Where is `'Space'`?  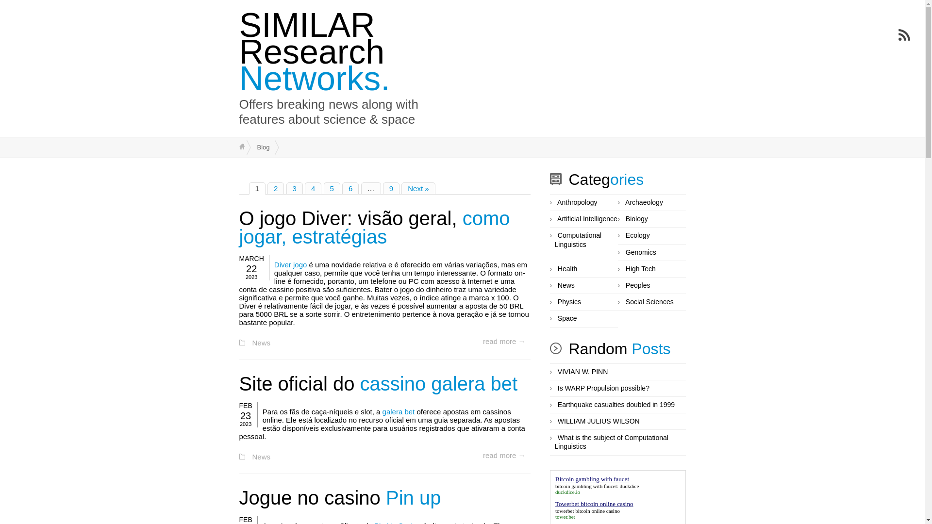
'Space' is located at coordinates (557, 318).